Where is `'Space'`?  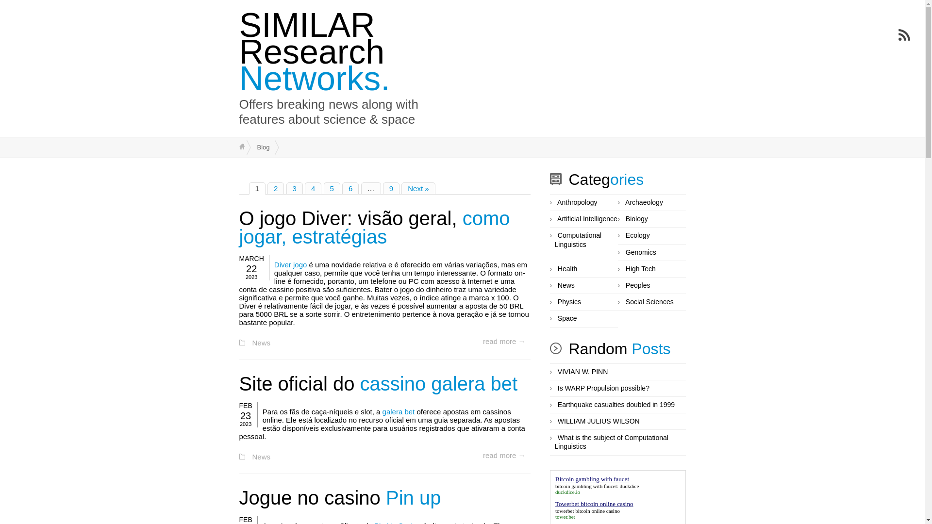
'Space' is located at coordinates (557, 318).